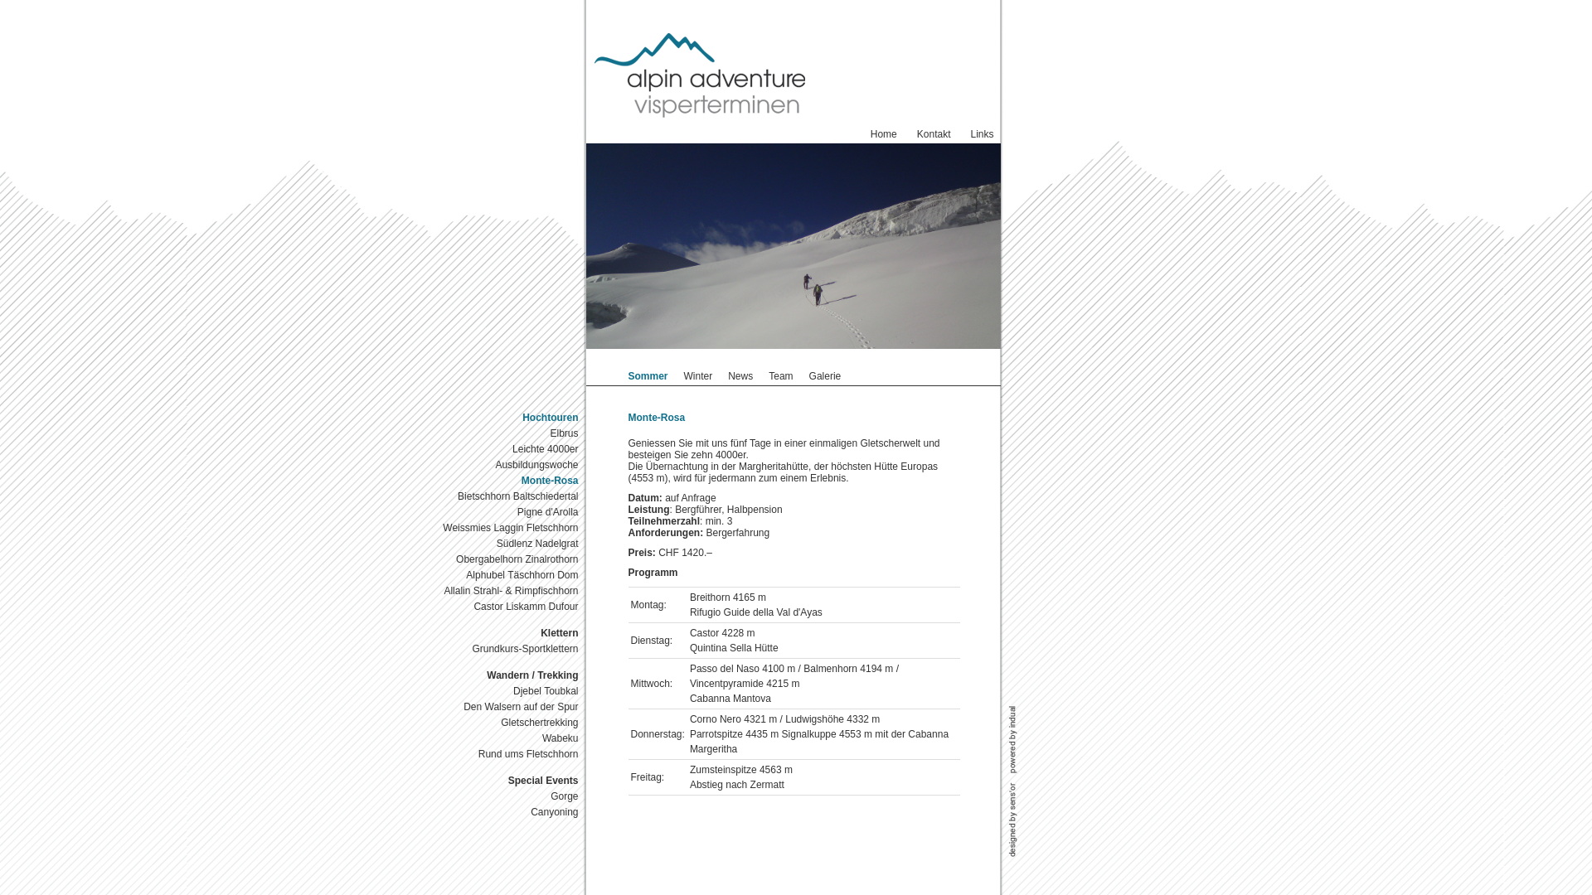 The height and width of the screenshot is (895, 1592). What do you see at coordinates (505, 648) in the screenshot?
I see `'Grundkurs-Sportklettern'` at bounding box center [505, 648].